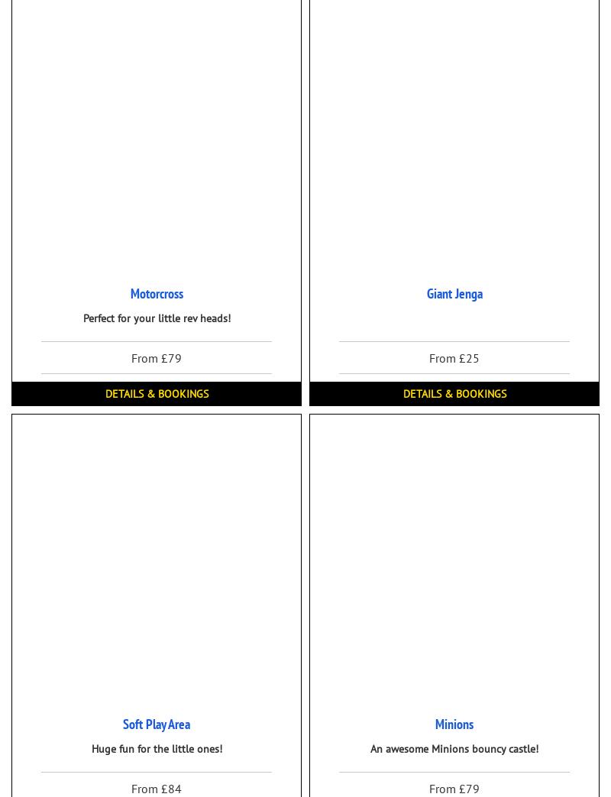  Describe the element at coordinates (129, 293) in the screenshot. I see `'Motorcross'` at that location.